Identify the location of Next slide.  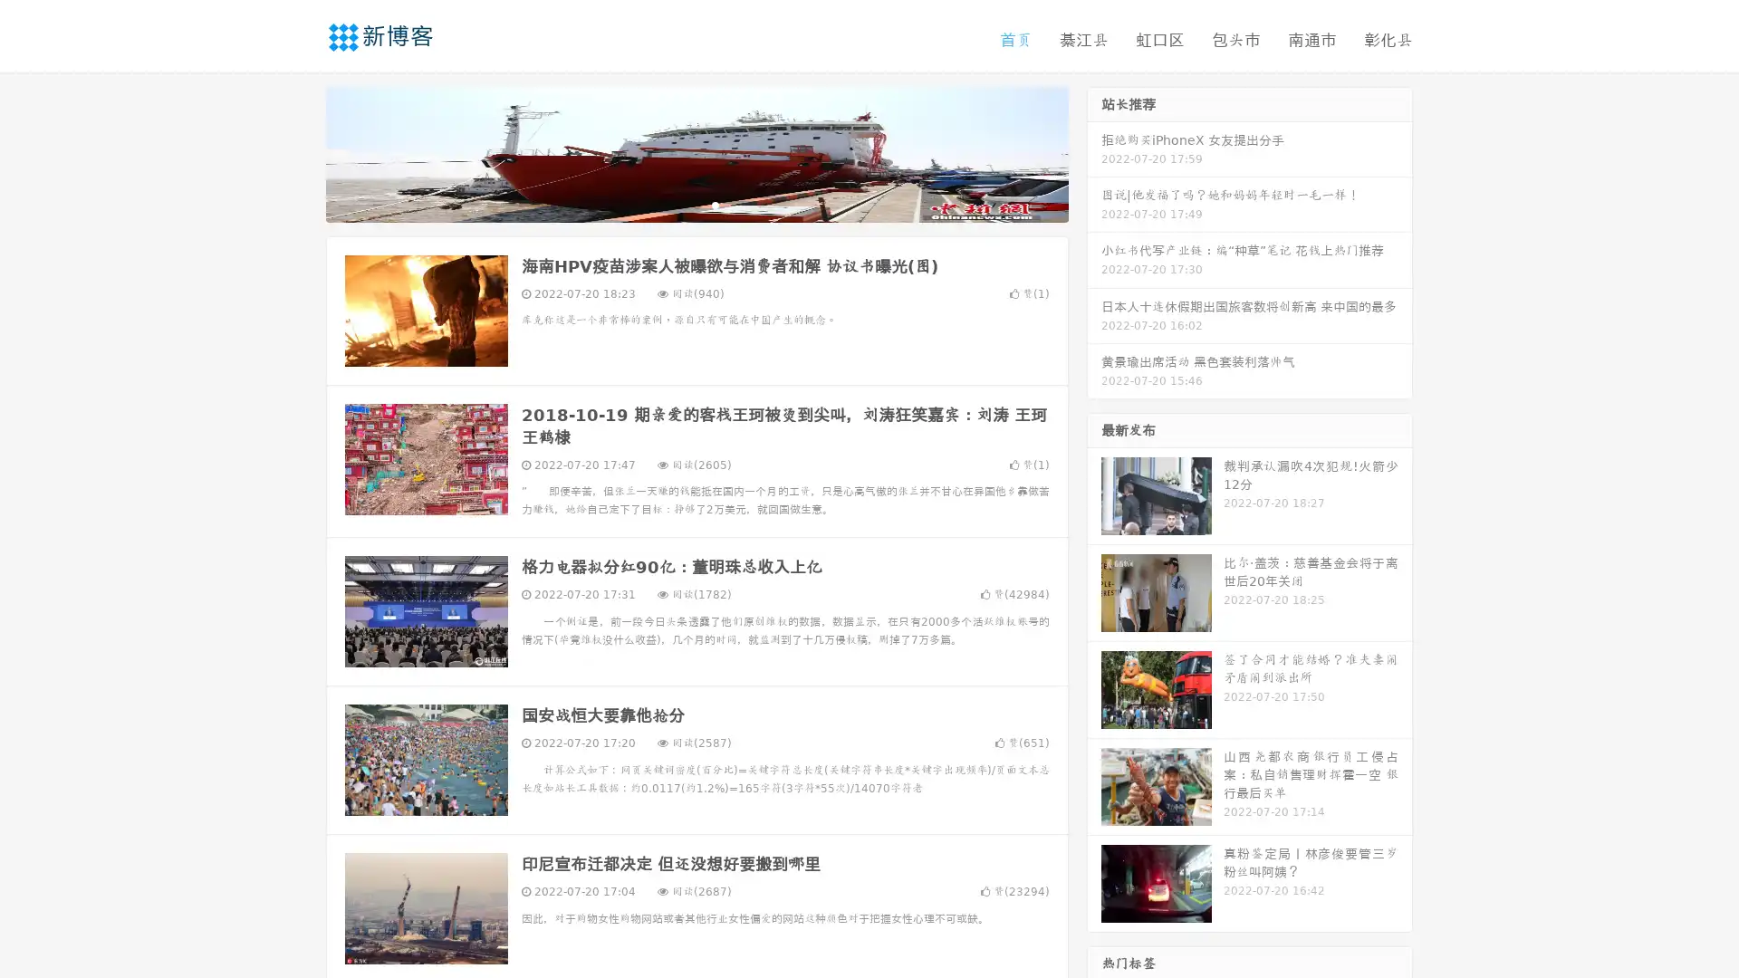
(1094, 152).